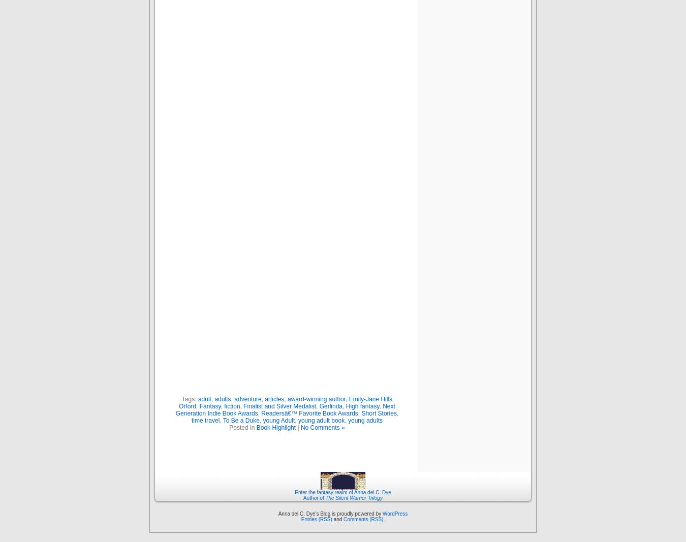 This screenshot has height=542, width=686. I want to click on 'young Adult', so click(278, 420).